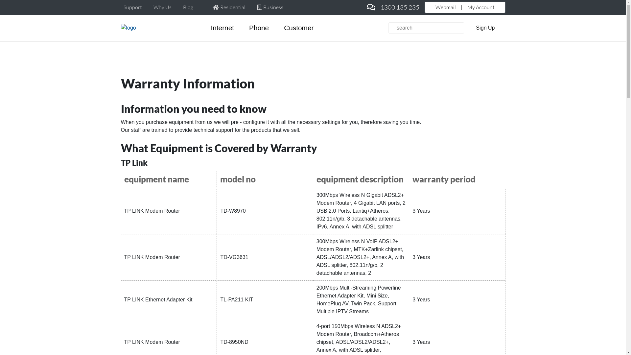 This screenshot has width=631, height=355. What do you see at coordinates (426, 27) in the screenshot?
I see `'search our site'` at bounding box center [426, 27].